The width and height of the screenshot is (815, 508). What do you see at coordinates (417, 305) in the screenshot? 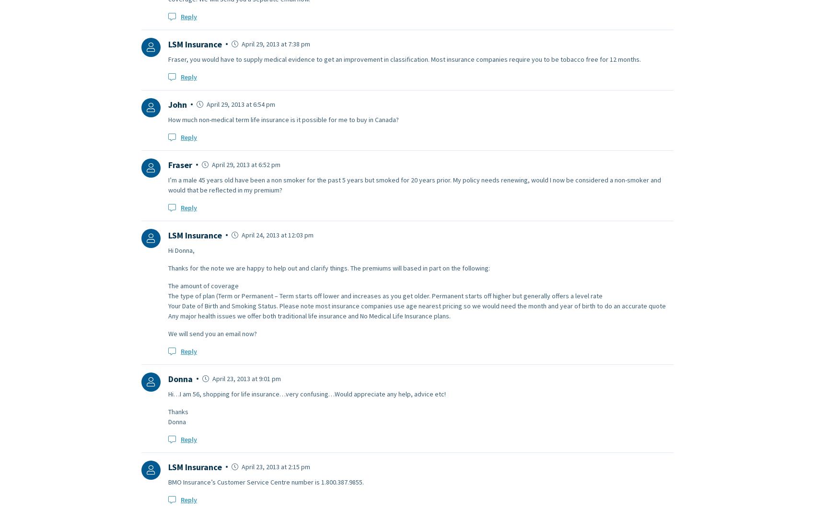
I see `'Your Date of Birth and Smoking Status. Please note most insurance companies use age nearest pricing so we would need the month and year of birth to do an accurate quote'` at bounding box center [417, 305].